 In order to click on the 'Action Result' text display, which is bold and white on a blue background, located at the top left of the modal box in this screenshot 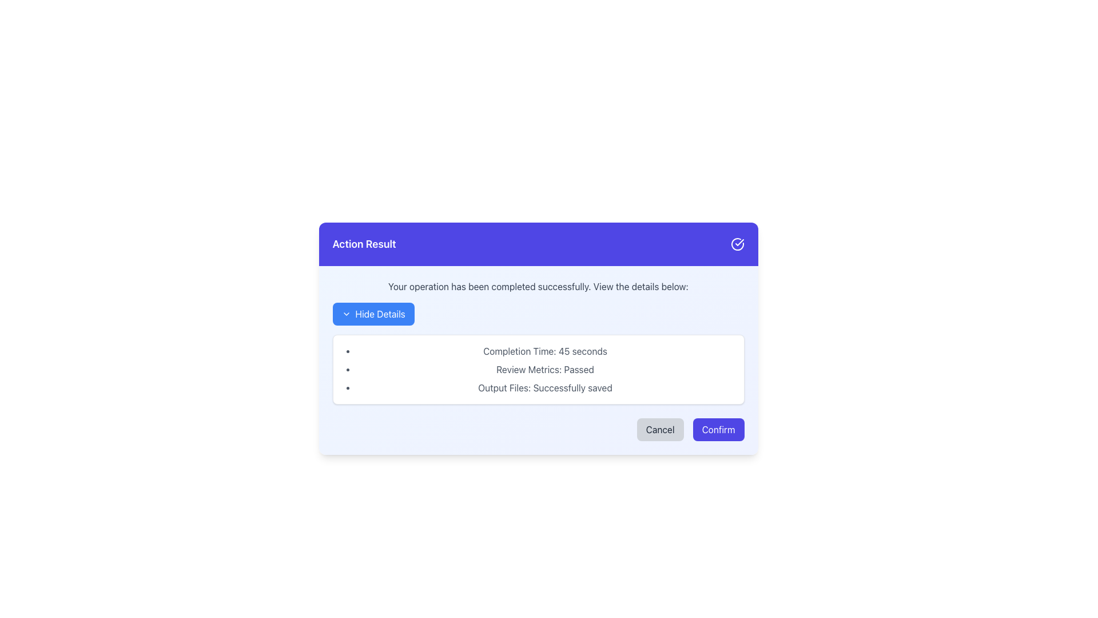, I will do `click(364, 244)`.